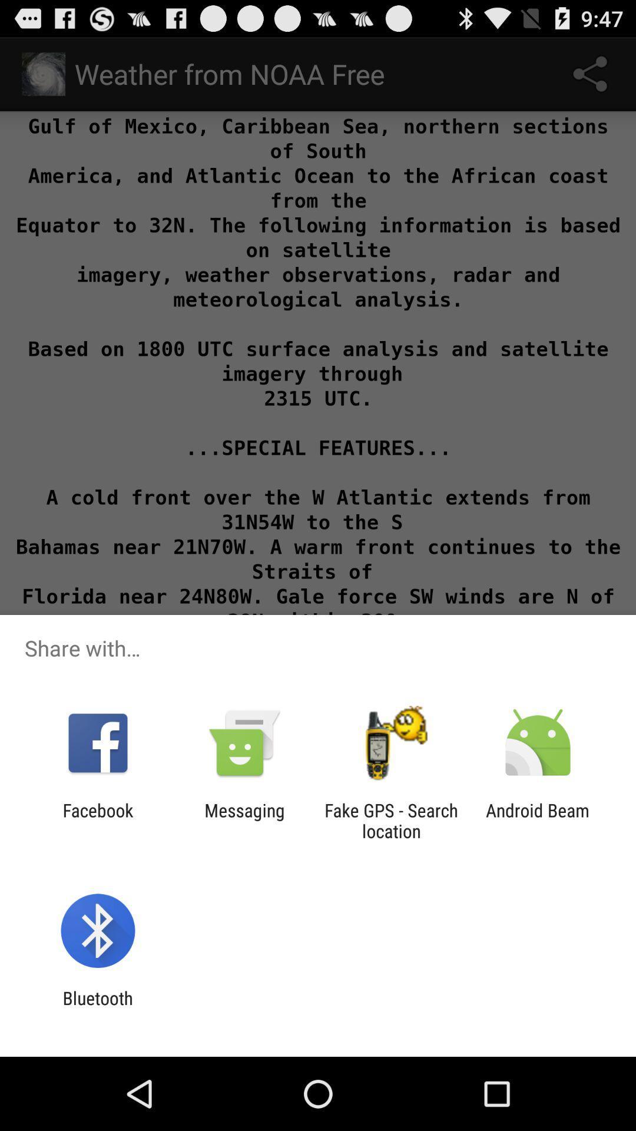 This screenshot has width=636, height=1131. Describe the element at coordinates (391, 820) in the screenshot. I see `item next to android beam icon` at that location.